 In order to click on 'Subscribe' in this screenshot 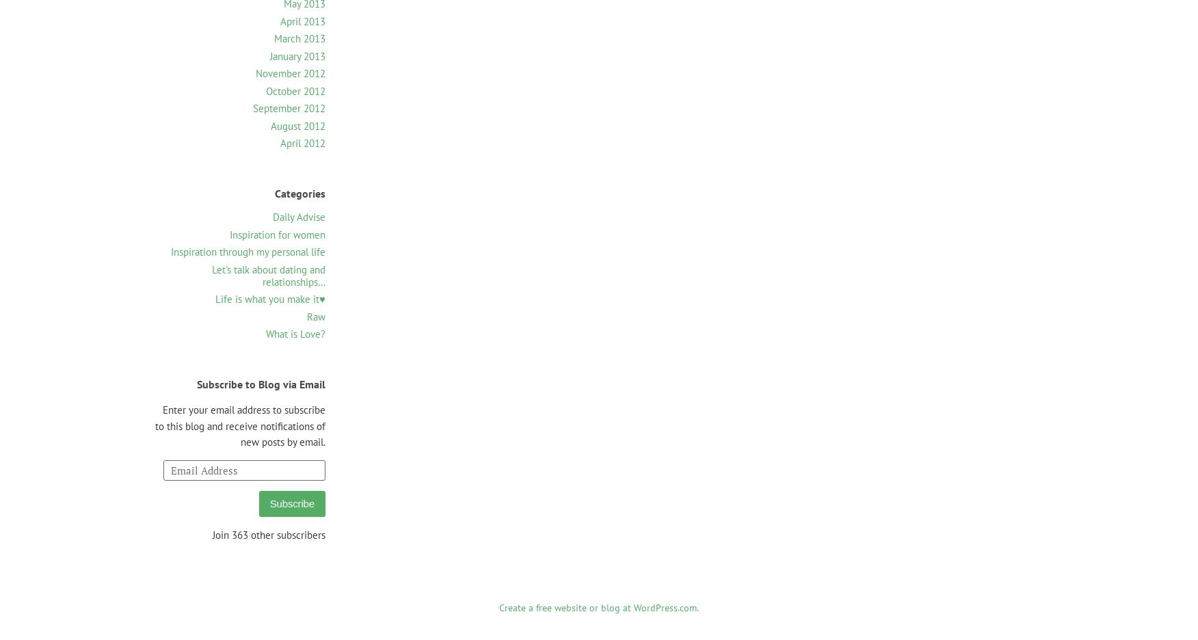, I will do `click(291, 503)`.